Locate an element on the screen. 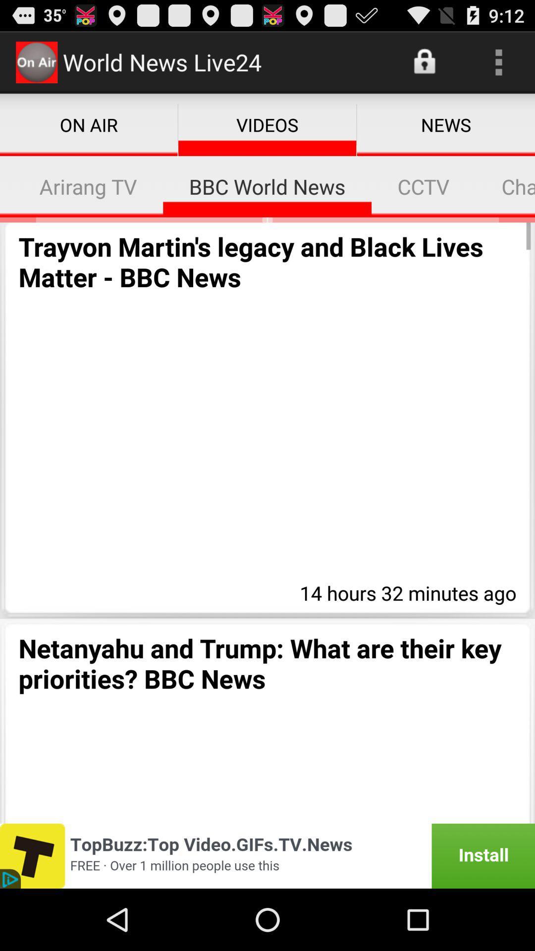 The image size is (535, 951). app above news item is located at coordinates (498, 61).